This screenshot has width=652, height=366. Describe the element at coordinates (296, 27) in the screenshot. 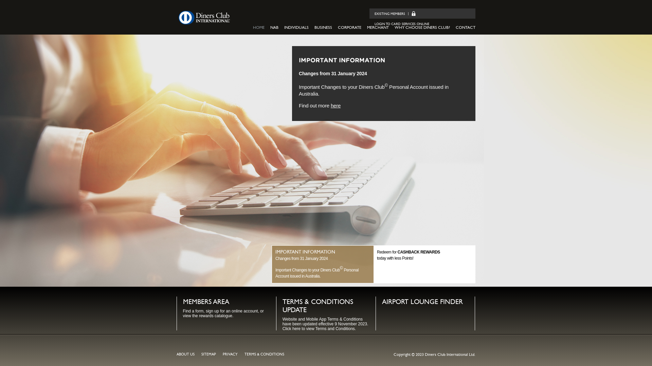

I see `'INDIVIDUALS'` at that location.